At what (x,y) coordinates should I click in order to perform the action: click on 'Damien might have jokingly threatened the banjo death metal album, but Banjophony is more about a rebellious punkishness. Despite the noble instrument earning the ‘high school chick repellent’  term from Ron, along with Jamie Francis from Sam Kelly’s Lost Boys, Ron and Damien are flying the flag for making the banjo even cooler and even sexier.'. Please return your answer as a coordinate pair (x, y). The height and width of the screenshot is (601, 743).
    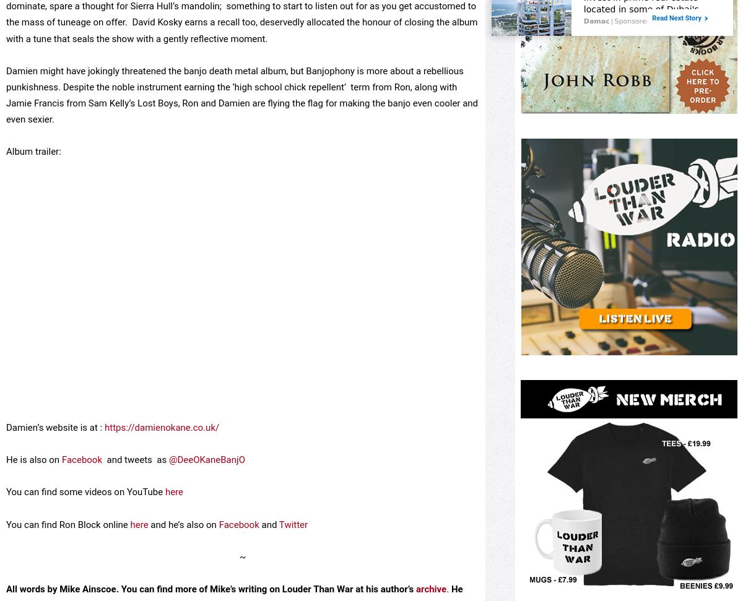
    Looking at the image, I should click on (241, 95).